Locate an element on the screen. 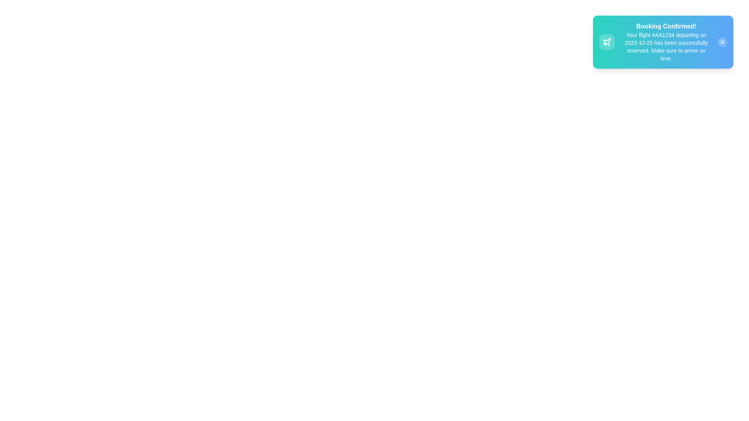 This screenshot has width=749, height=421. the status indicator icon located left of the 'Booking Confirmed!' text within the notification alert box is located at coordinates (606, 42).